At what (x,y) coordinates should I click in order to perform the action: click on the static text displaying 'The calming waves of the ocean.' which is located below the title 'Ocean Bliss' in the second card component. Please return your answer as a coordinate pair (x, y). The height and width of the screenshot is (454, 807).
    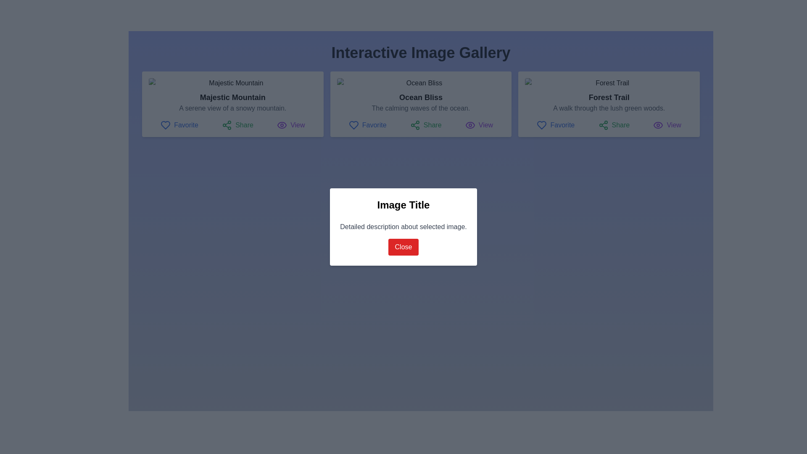
    Looking at the image, I should click on (421, 108).